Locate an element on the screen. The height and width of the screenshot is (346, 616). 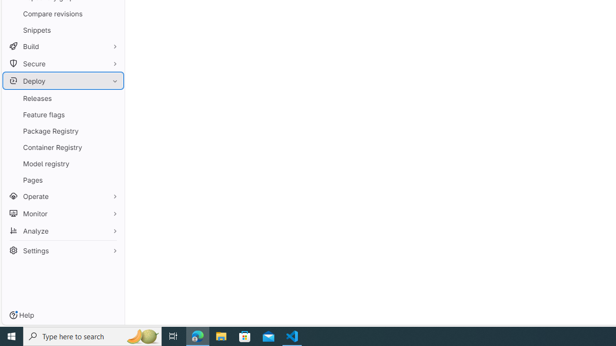
'Pin Container Registry' is located at coordinates (113, 147).